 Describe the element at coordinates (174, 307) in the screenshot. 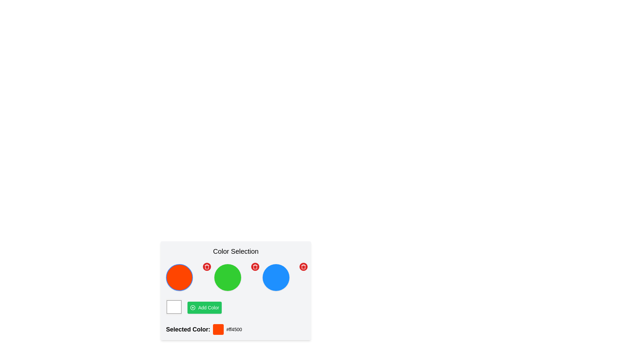

I see `the white color selection button located in the bottom-left corner of the 'Color Selection' panel` at that location.